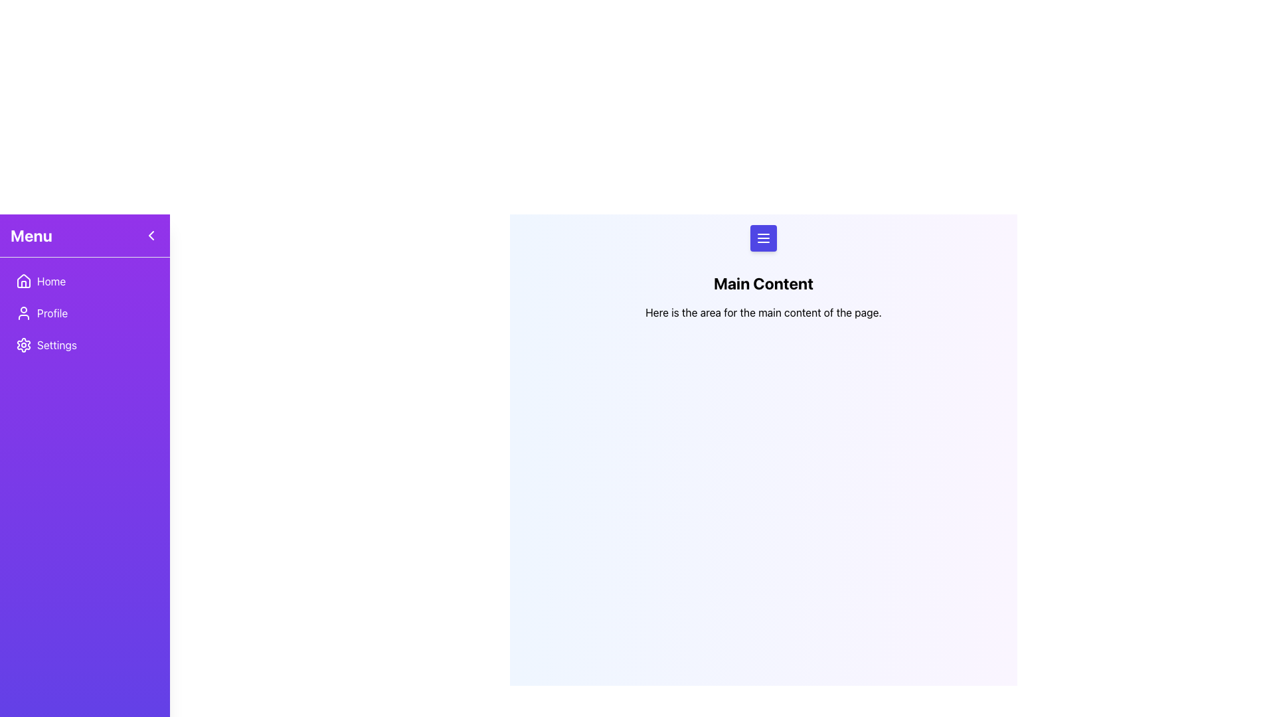 The height and width of the screenshot is (717, 1275). What do you see at coordinates (52, 313) in the screenshot?
I see `text of the 'Profile' menu option label located in the vertical navigation menu, positioned between 'Home' and 'Settings'` at bounding box center [52, 313].